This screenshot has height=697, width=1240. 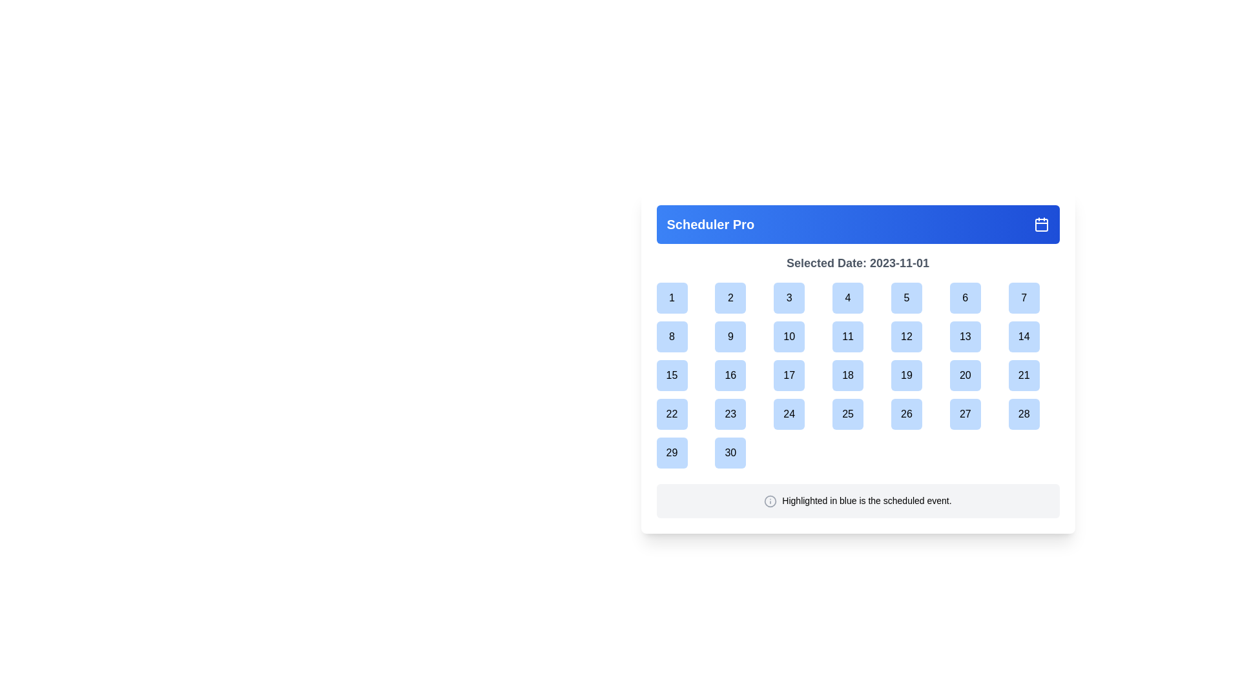 What do you see at coordinates (905, 414) in the screenshot?
I see `the date selector button representing the 26th day in the calendar` at bounding box center [905, 414].